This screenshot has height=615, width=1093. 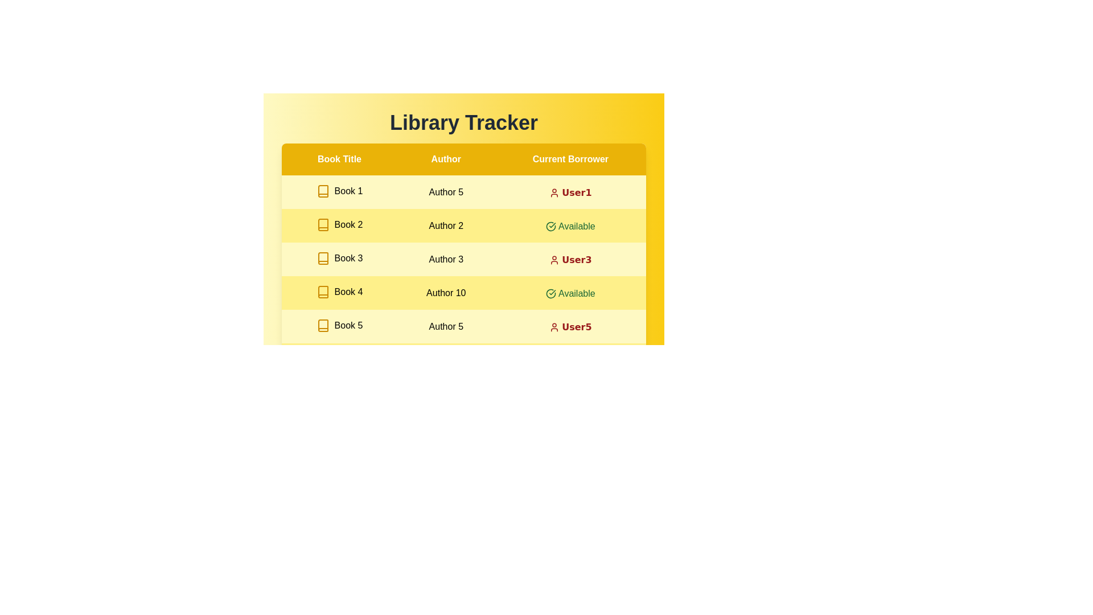 What do you see at coordinates (339, 190) in the screenshot?
I see `the book title Book 1 to inspect its details` at bounding box center [339, 190].